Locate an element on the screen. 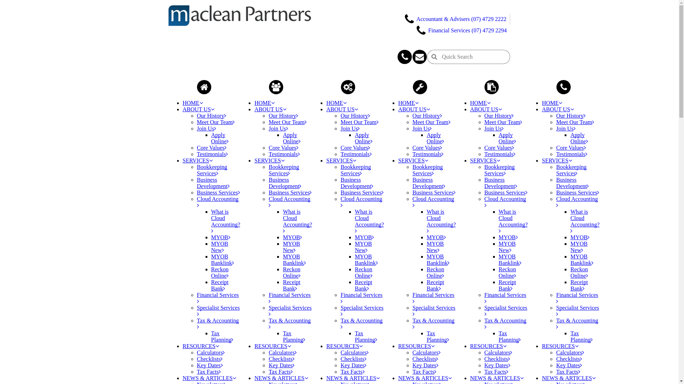  'Tax & Accounting' is located at coordinates (484, 324).